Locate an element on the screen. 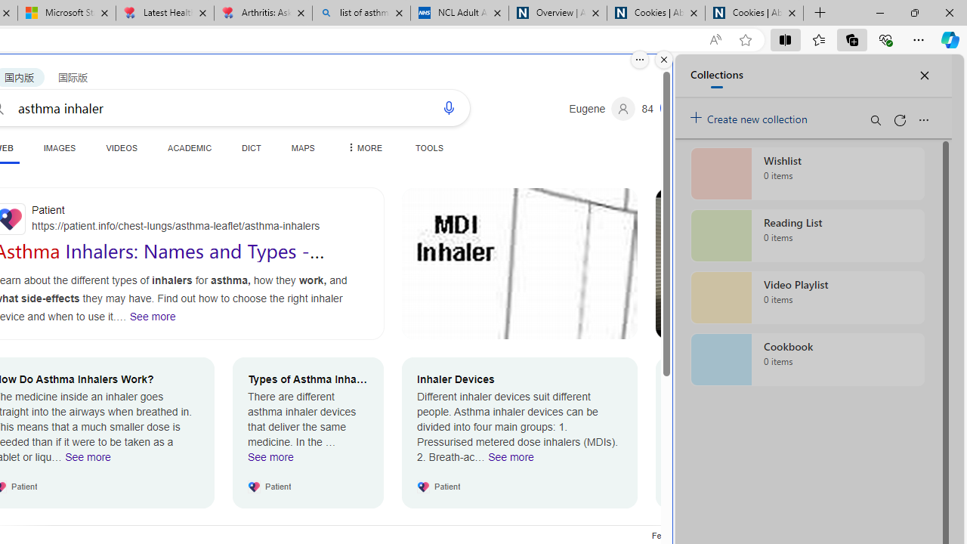 The image size is (967, 544). 'Cookies | About | NICE' is located at coordinates (755, 13).